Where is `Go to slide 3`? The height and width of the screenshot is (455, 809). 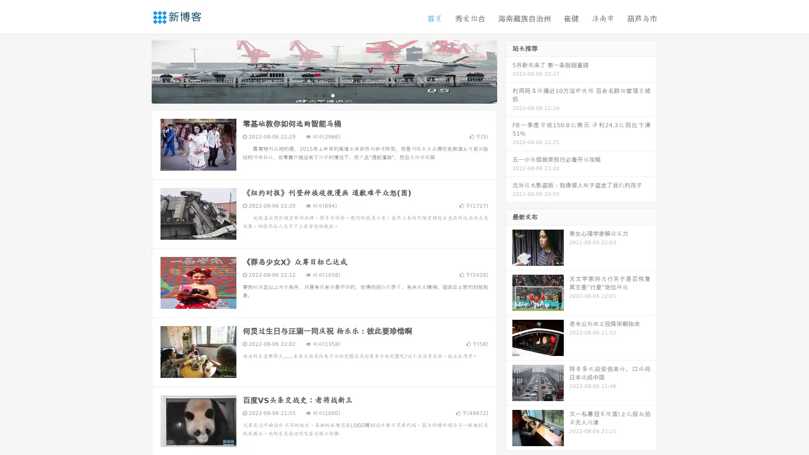
Go to slide 3 is located at coordinates (332, 95).